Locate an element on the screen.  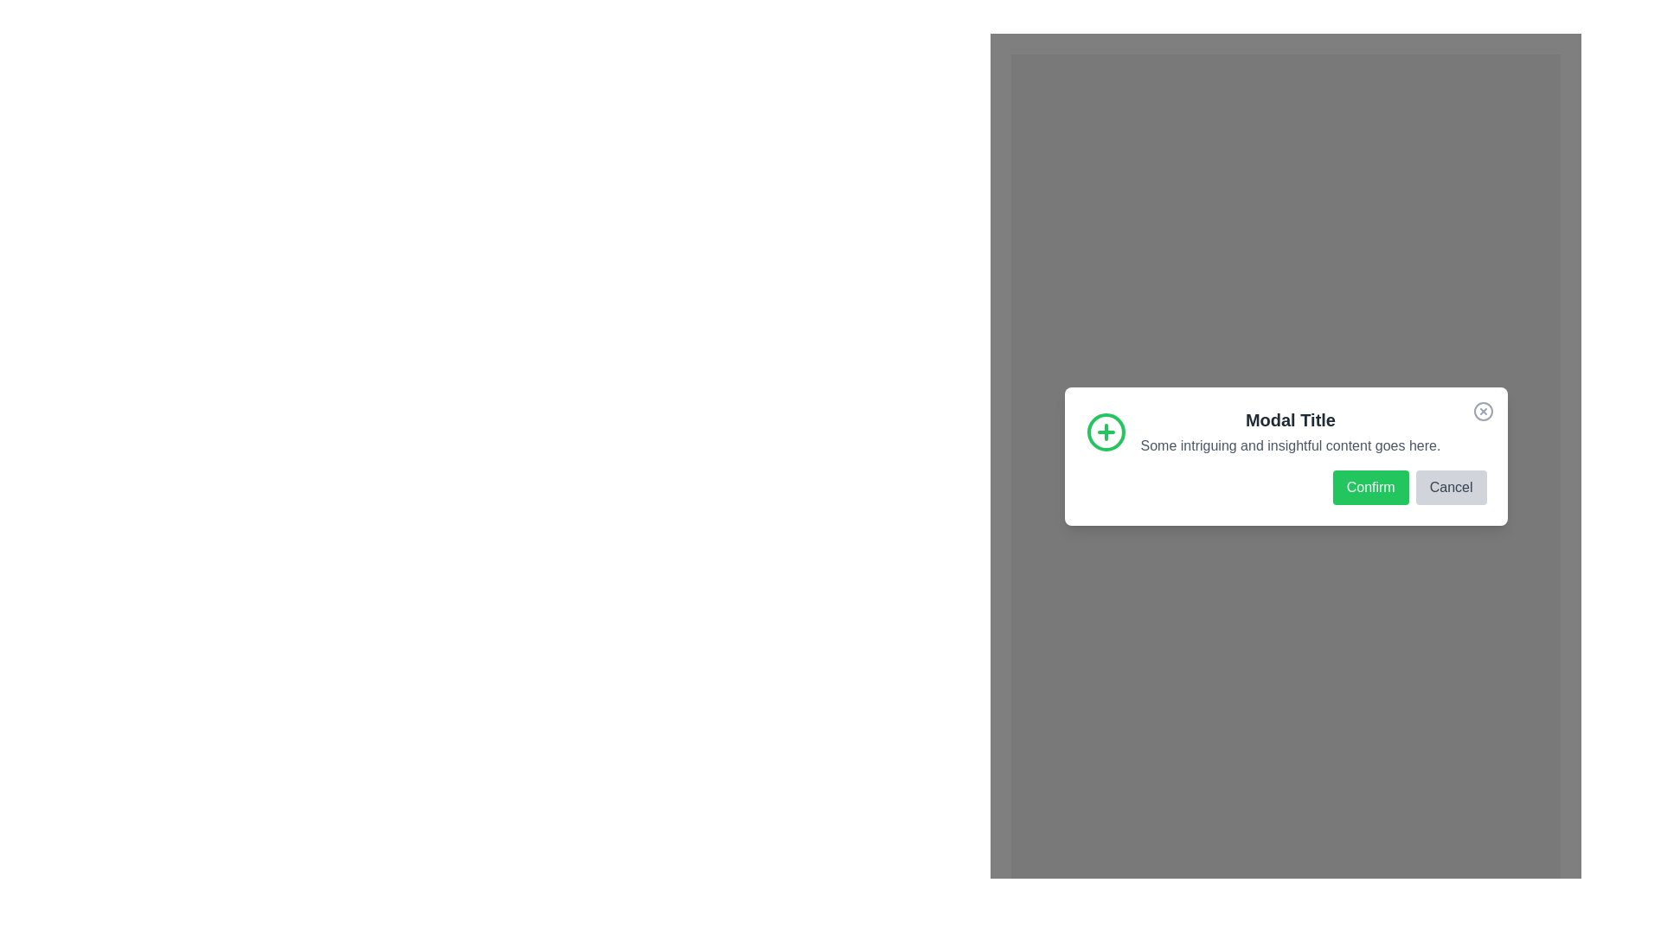
the static text label that provides descriptive information below the 'Modal Title' within the modal window is located at coordinates (1291, 445).